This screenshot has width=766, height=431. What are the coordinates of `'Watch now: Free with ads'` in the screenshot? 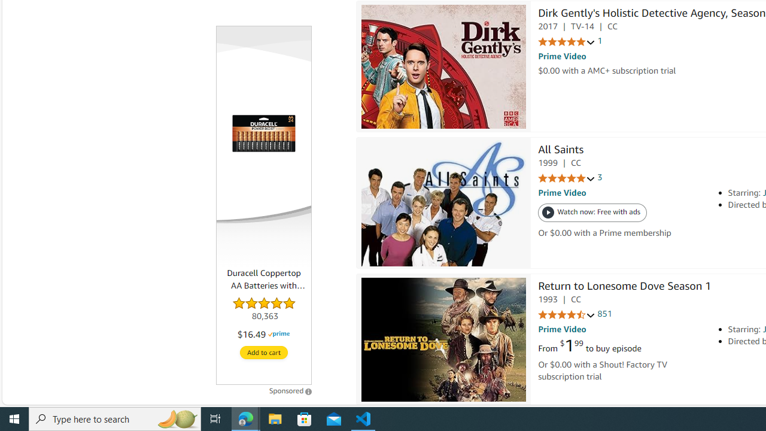 It's located at (592, 213).